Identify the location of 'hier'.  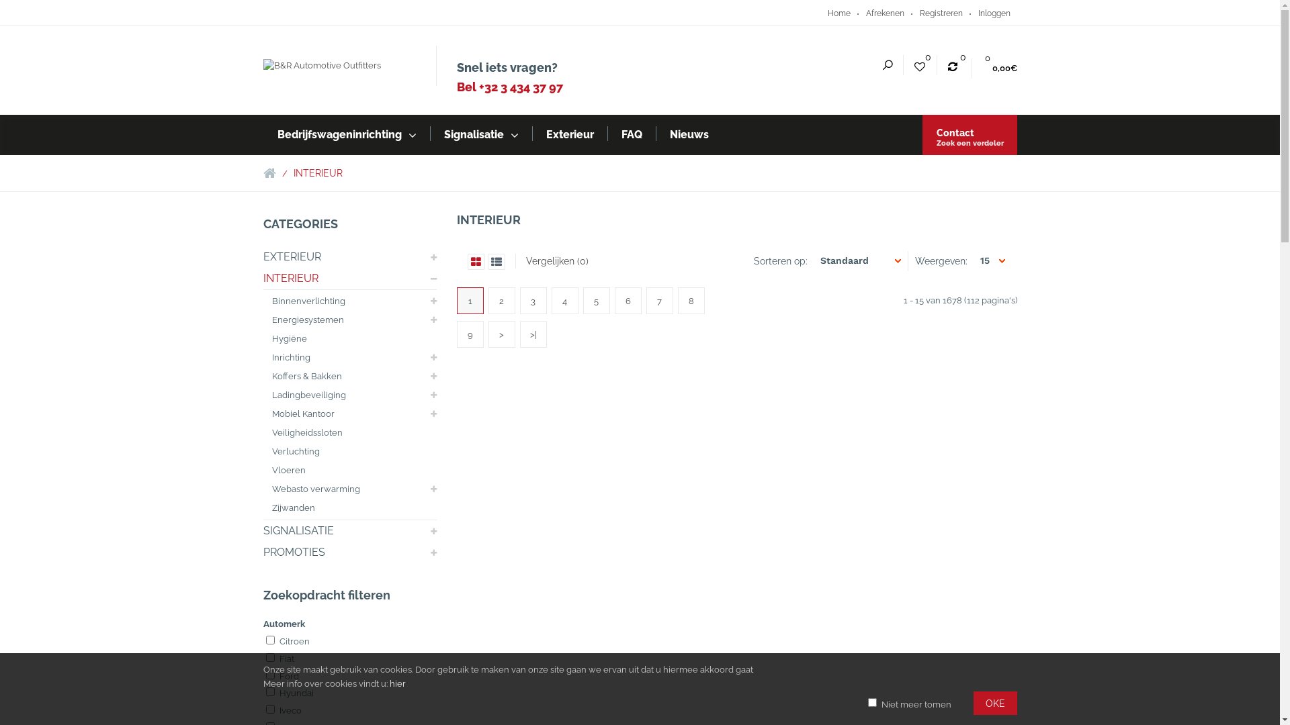
(396, 683).